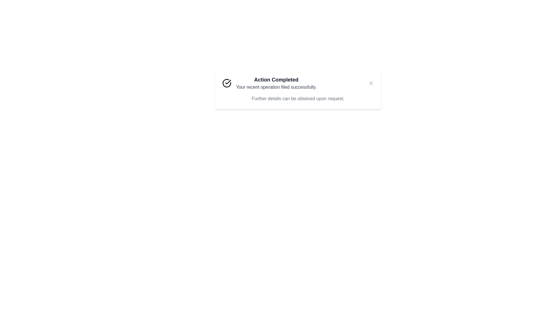 This screenshot has width=552, height=310. I want to click on the small gray button styled as an 'X' located at the upper-right corner of the notification panel to observe its color change upon hovering, so click(371, 83).